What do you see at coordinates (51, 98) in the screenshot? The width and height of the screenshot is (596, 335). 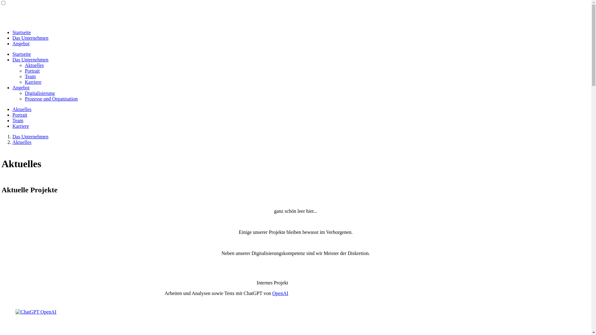 I see `'Prozesse und Organisation'` at bounding box center [51, 98].